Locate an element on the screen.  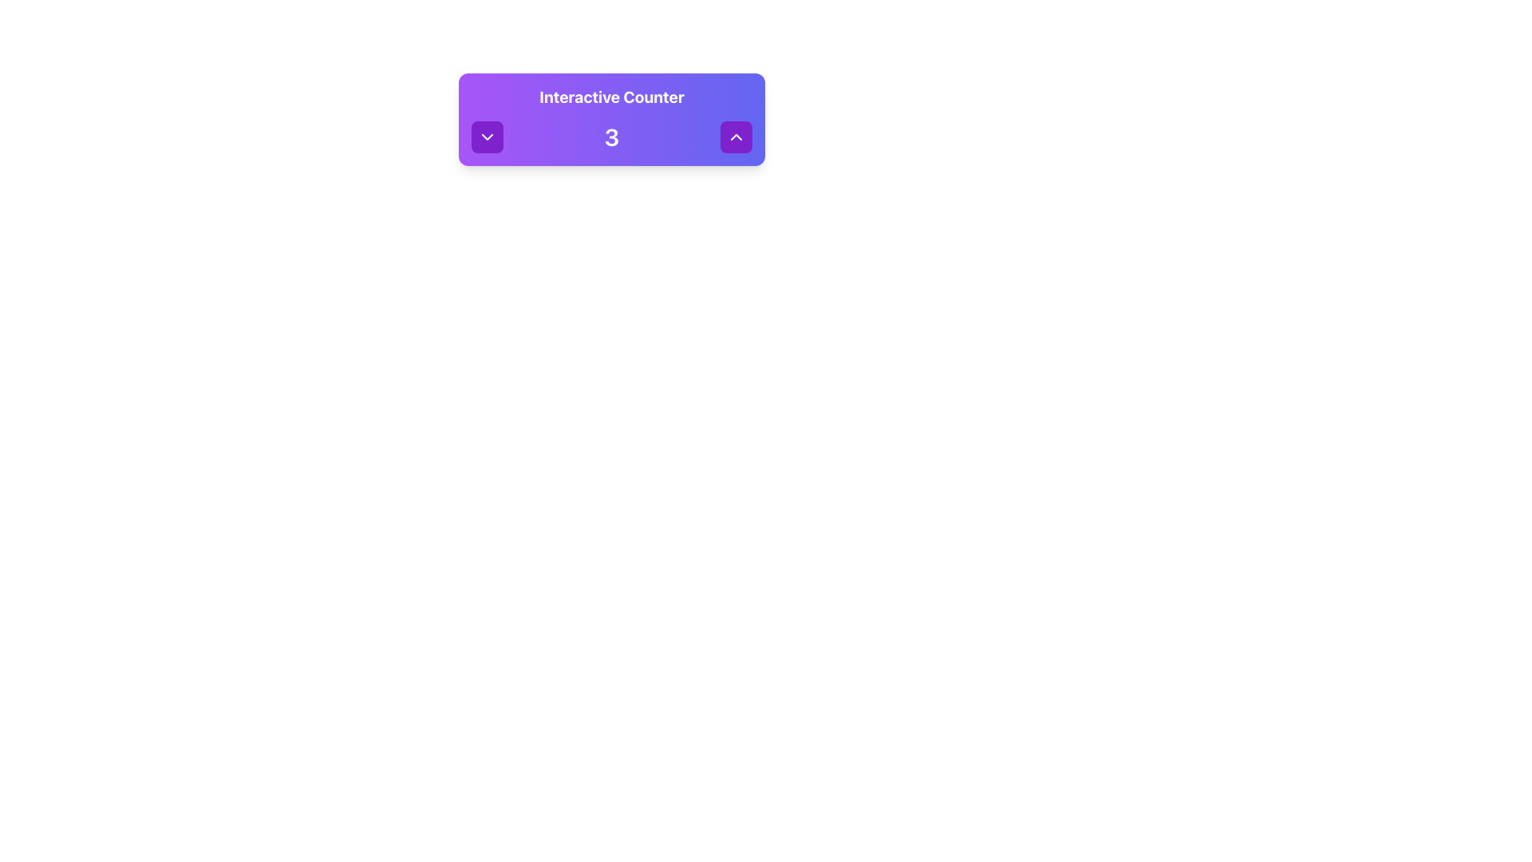
the chevron-shaped arrow button with a purple background located at the top right of the window, adjacent to the center numerical counter display is located at coordinates (735, 136).